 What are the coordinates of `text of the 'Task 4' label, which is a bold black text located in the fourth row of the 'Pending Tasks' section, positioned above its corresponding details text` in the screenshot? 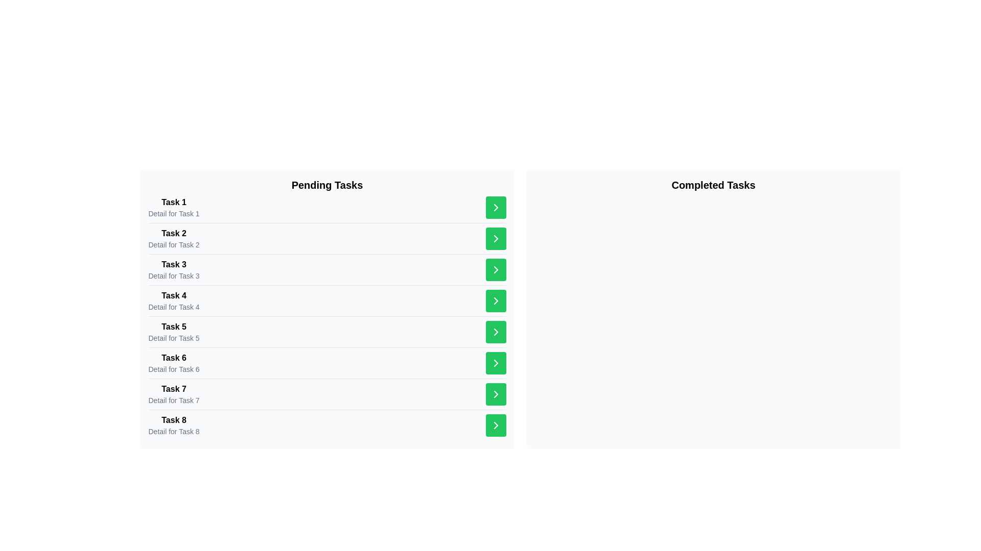 It's located at (174, 295).